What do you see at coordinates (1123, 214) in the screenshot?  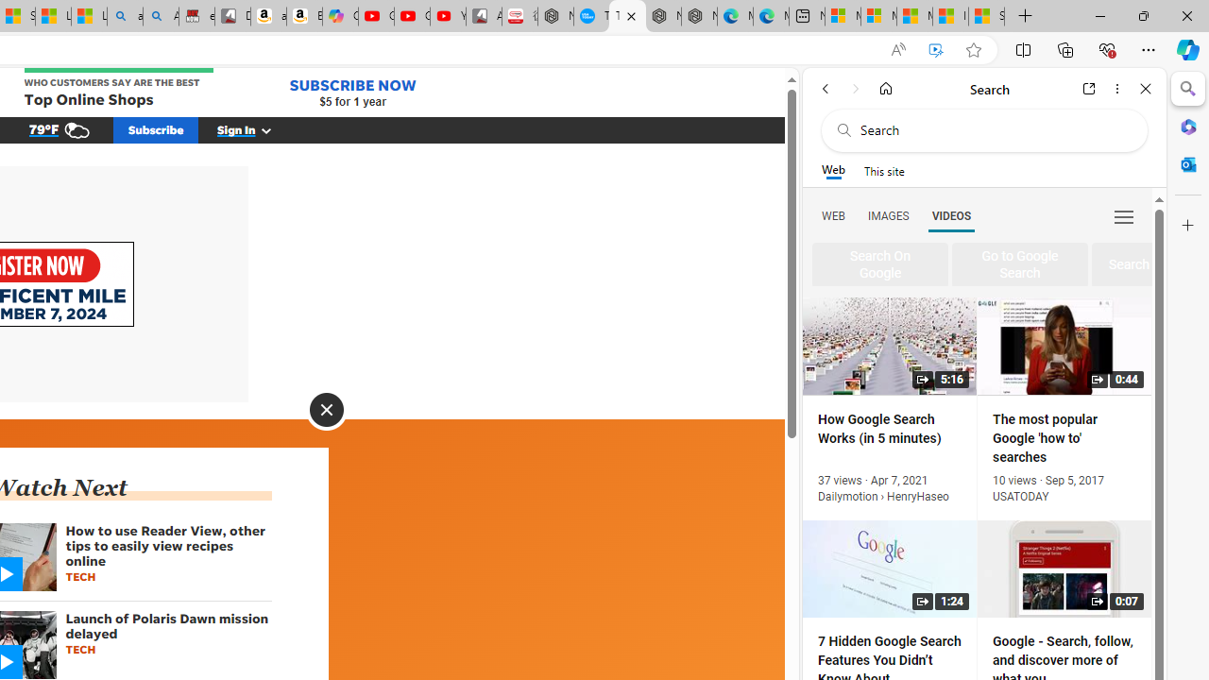 I see `'Preferences'` at bounding box center [1123, 214].